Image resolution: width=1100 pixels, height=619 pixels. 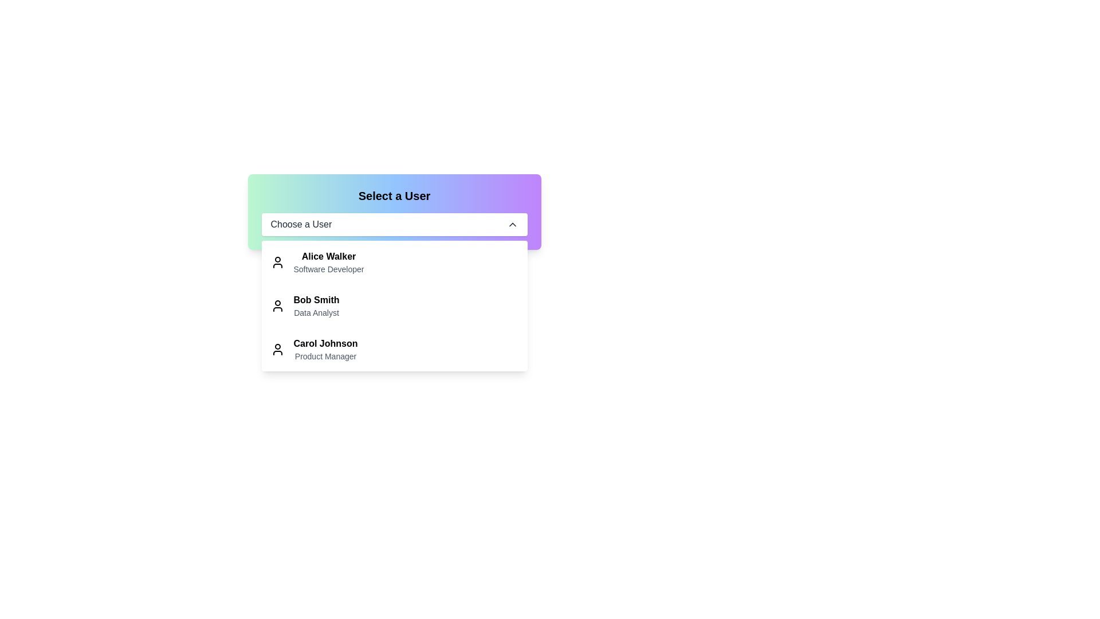 I want to click on the second user profile list item containing the user's name and position, so click(x=316, y=305).